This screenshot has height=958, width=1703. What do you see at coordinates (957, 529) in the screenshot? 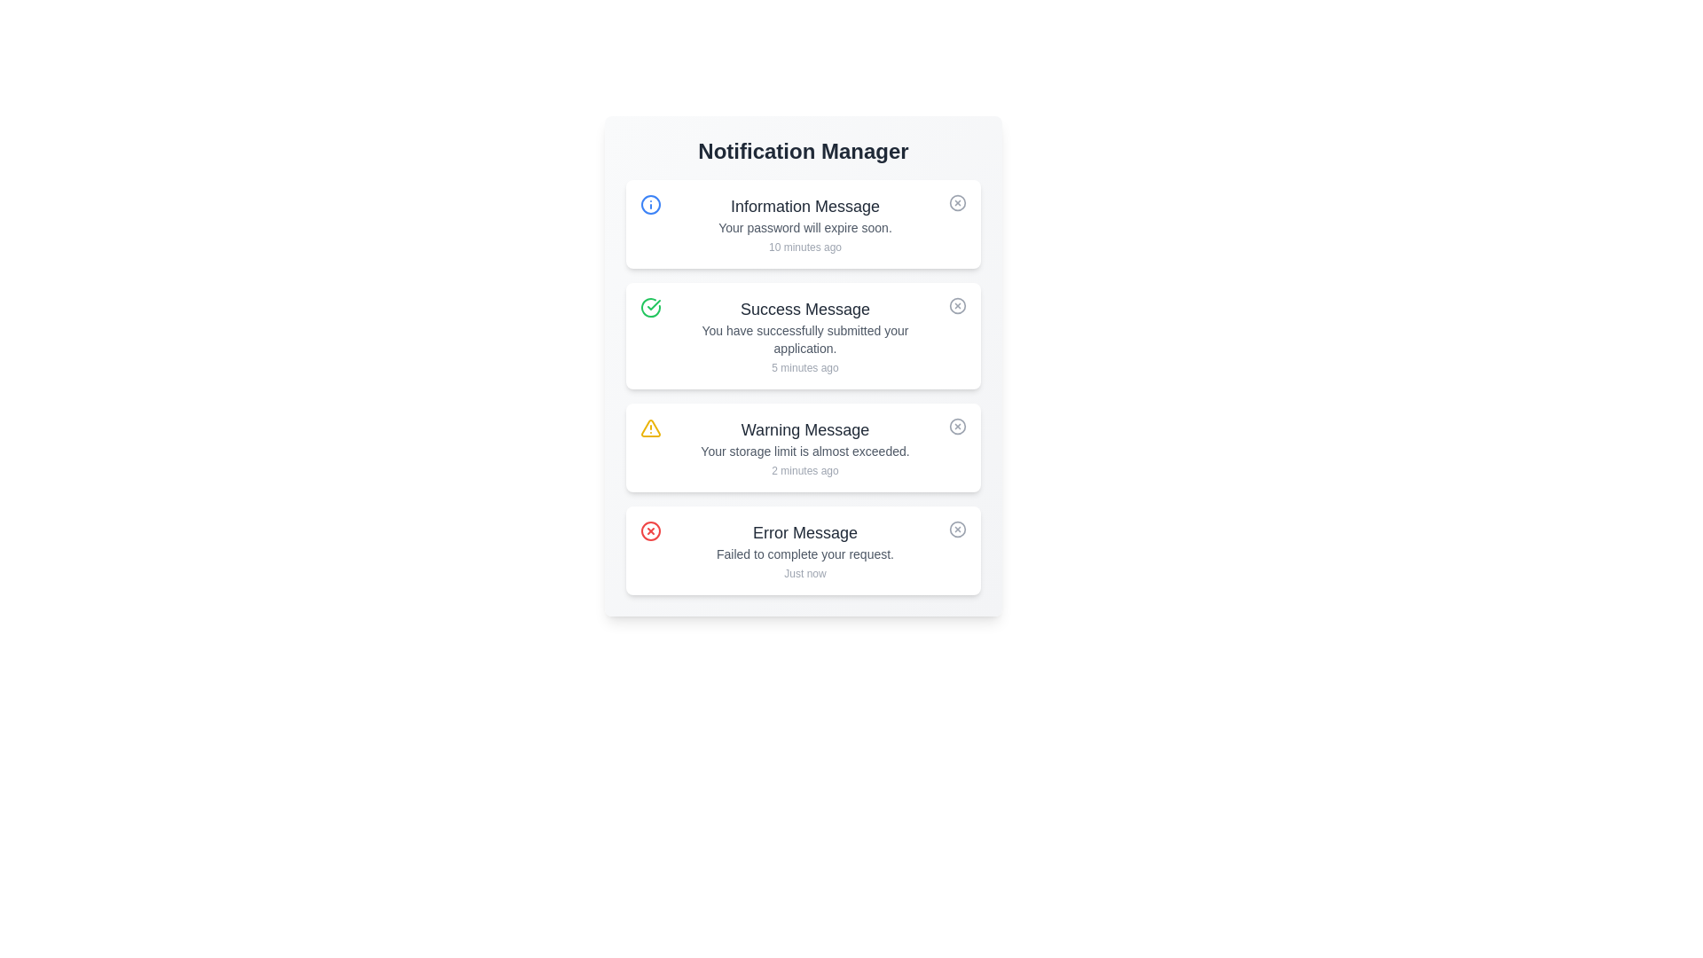
I see `the circular decorative element of the 'x' icon located at the far right of the 'Error Message' notification card` at bounding box center [957, 529].